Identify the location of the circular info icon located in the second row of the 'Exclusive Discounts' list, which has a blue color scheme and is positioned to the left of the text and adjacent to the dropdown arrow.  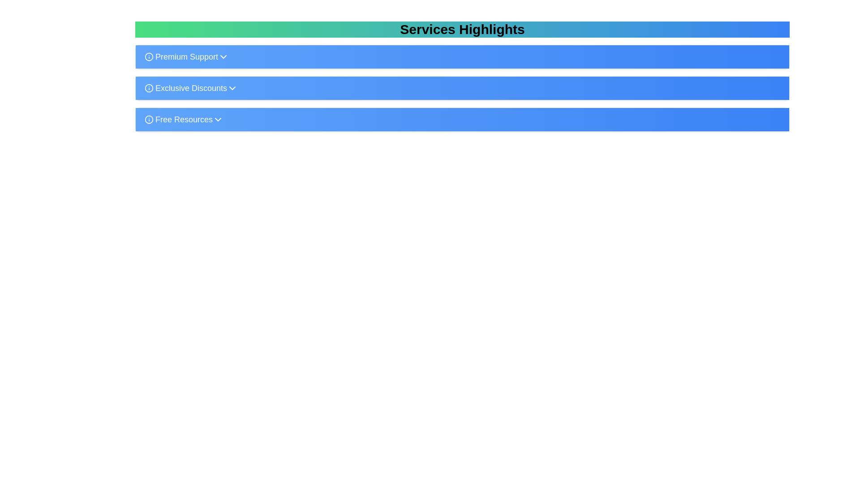
(149, 88).